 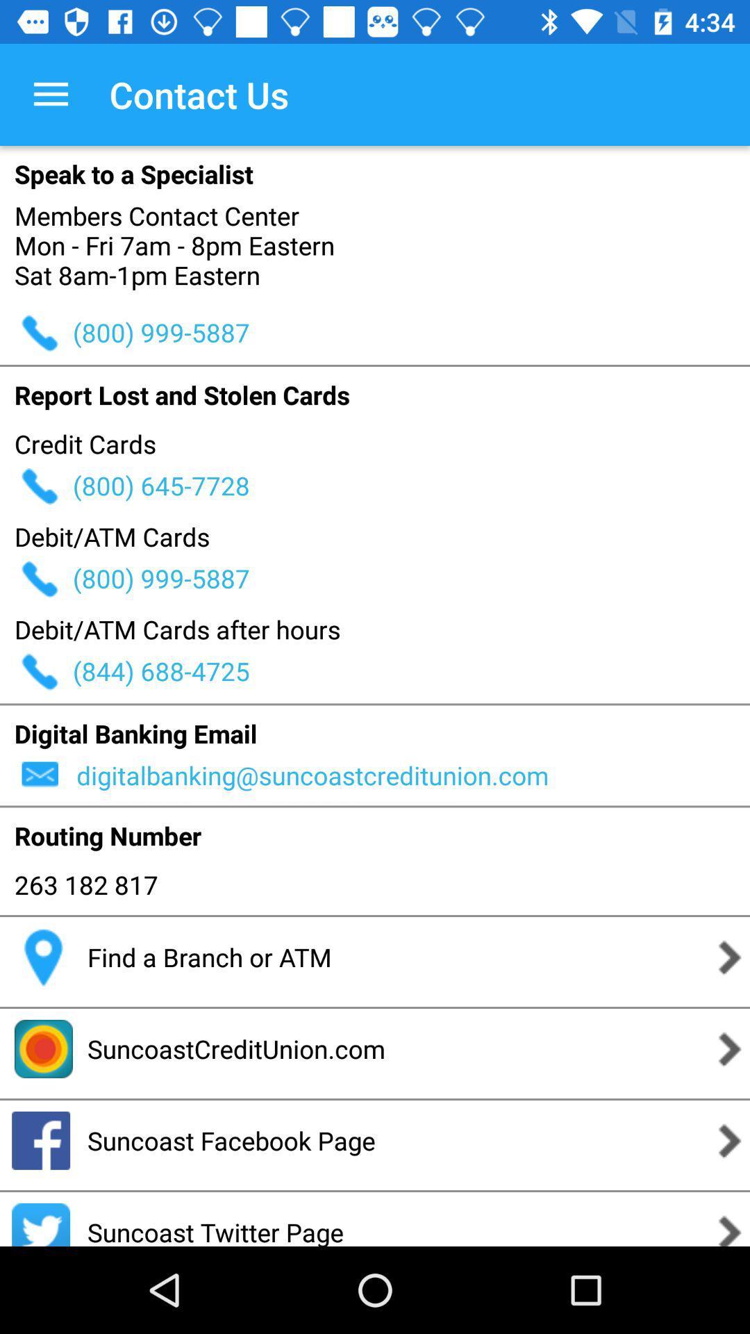 What do you see at coordinates (410, 486) in the screenshot?
I see `the (800) 645-7728 item` at bounding box center [410, 486].